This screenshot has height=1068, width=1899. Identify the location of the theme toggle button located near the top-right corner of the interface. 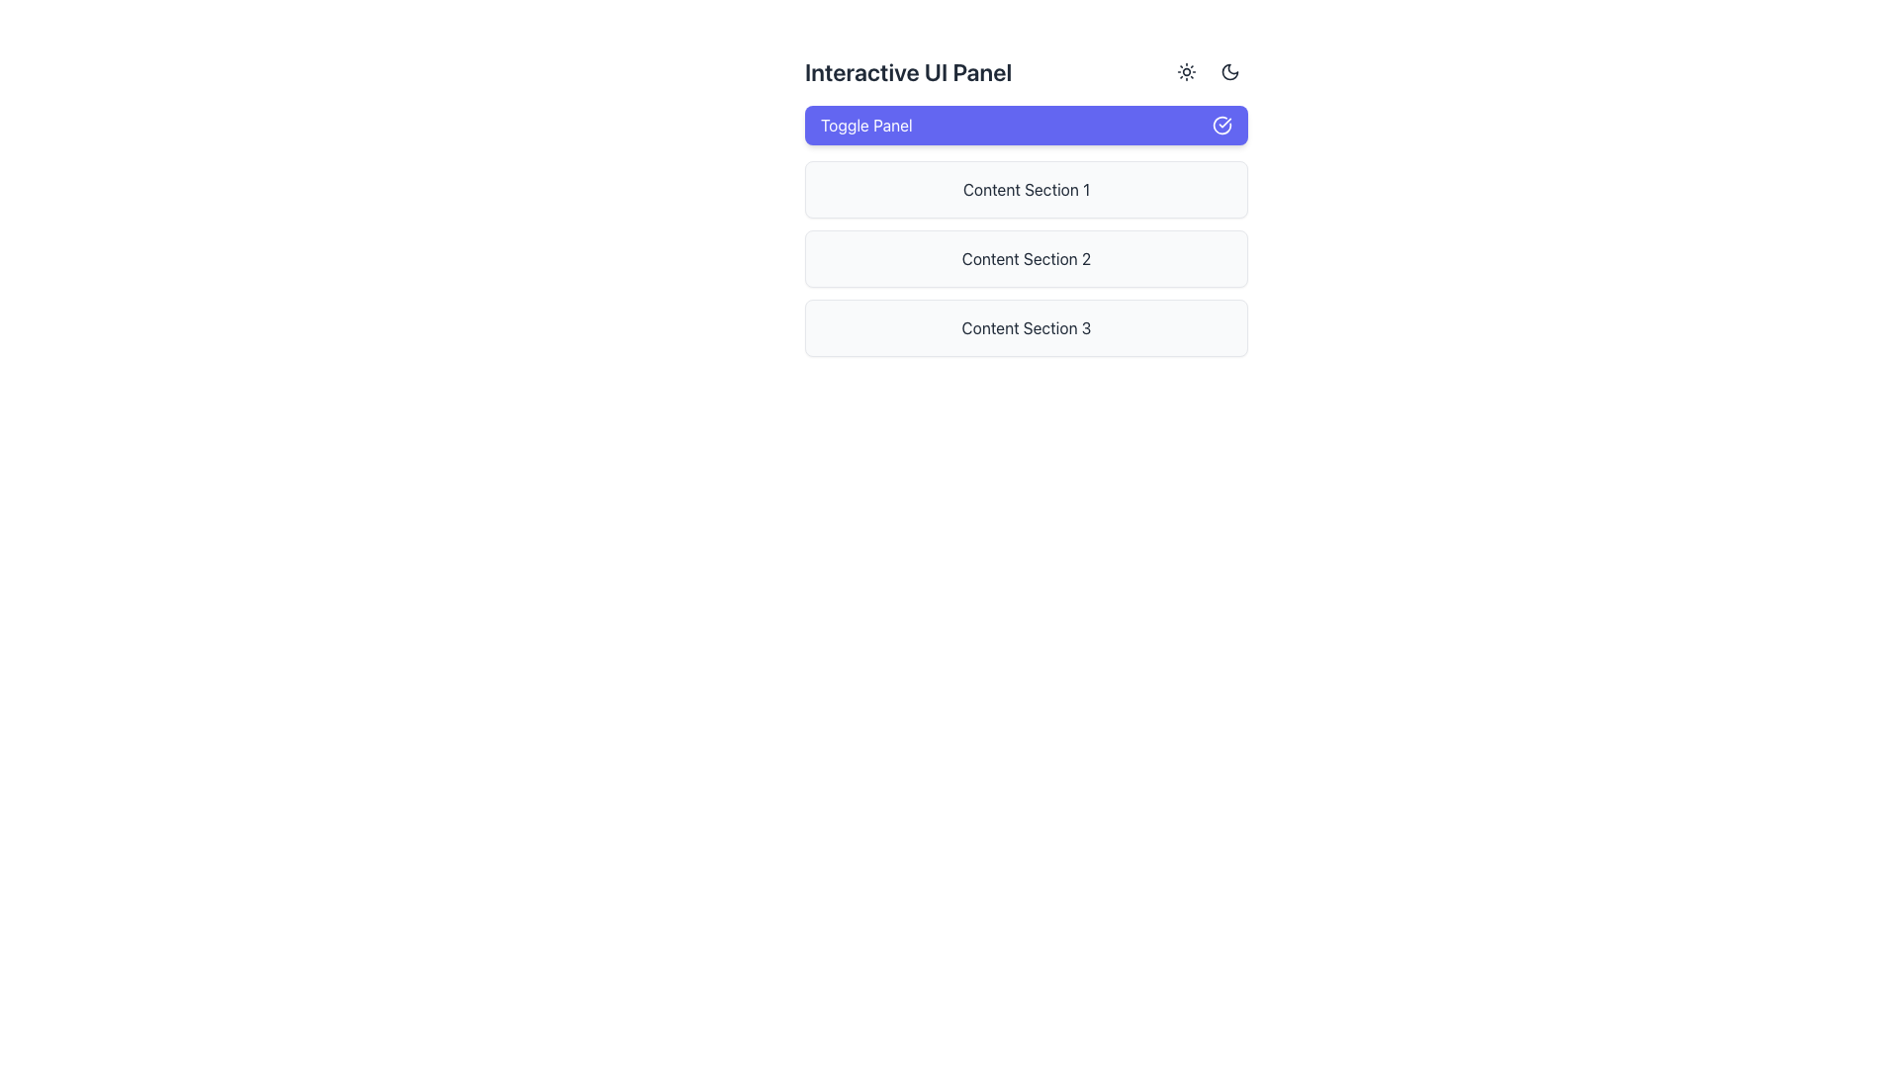
(1228, 71).